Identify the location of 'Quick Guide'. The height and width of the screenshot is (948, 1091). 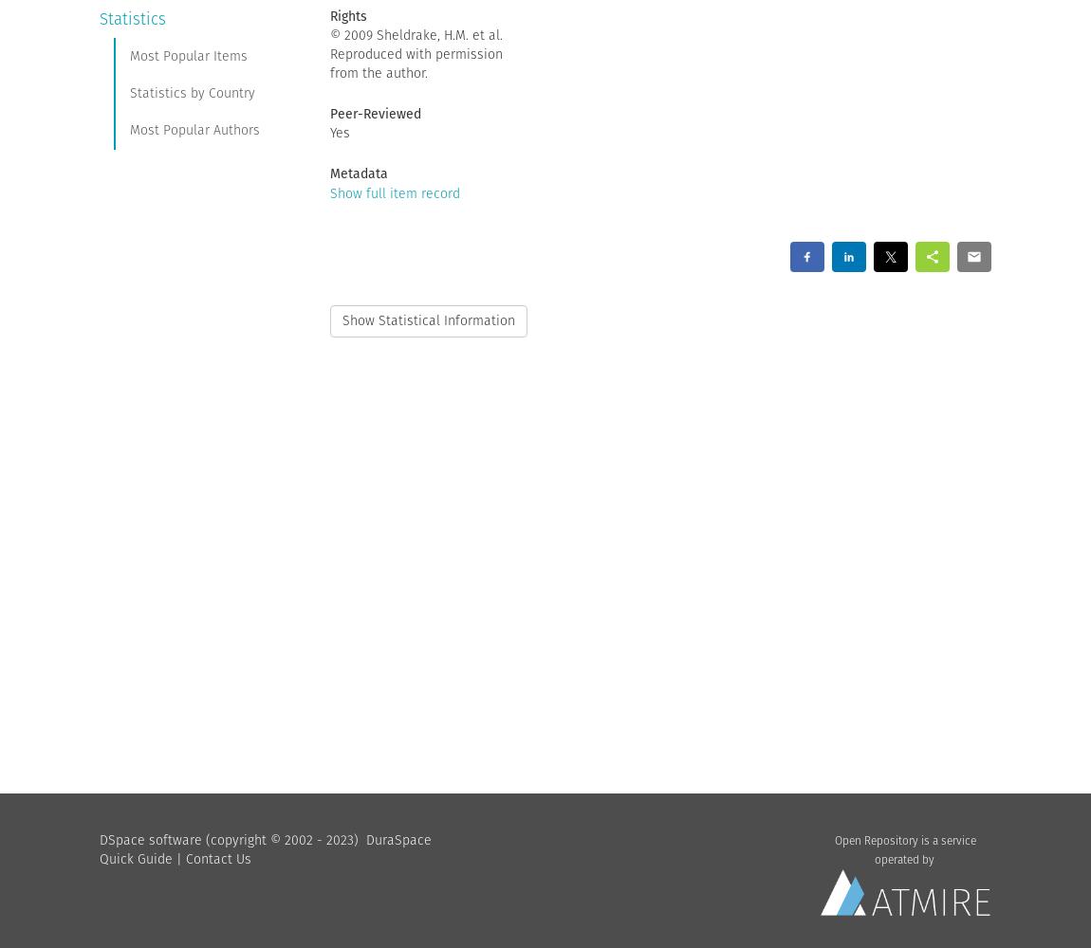
(135, 858).